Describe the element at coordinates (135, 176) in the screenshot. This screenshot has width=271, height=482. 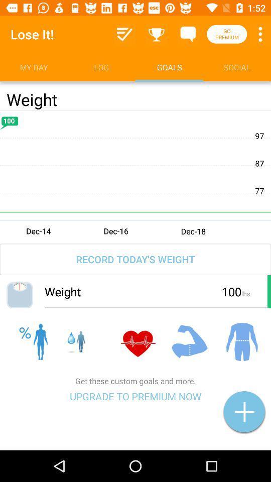
I see `item above the record today s item` at that location.